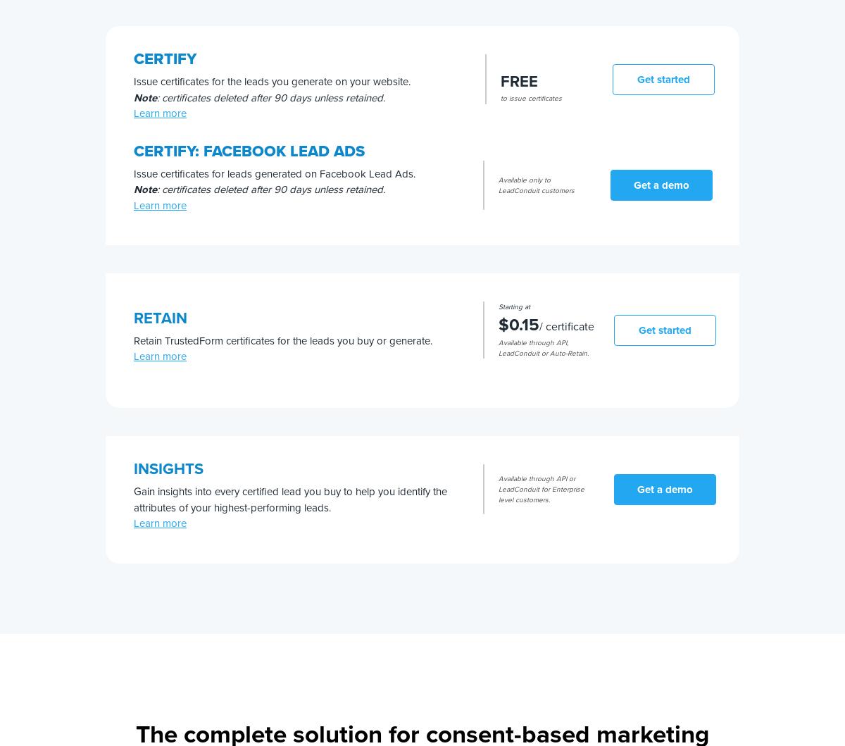 Image resolution: width=845 pixels, height=746 pixels. I want to click on 'Issue certificates for the leads you generate on your website.', so click(272, 80).